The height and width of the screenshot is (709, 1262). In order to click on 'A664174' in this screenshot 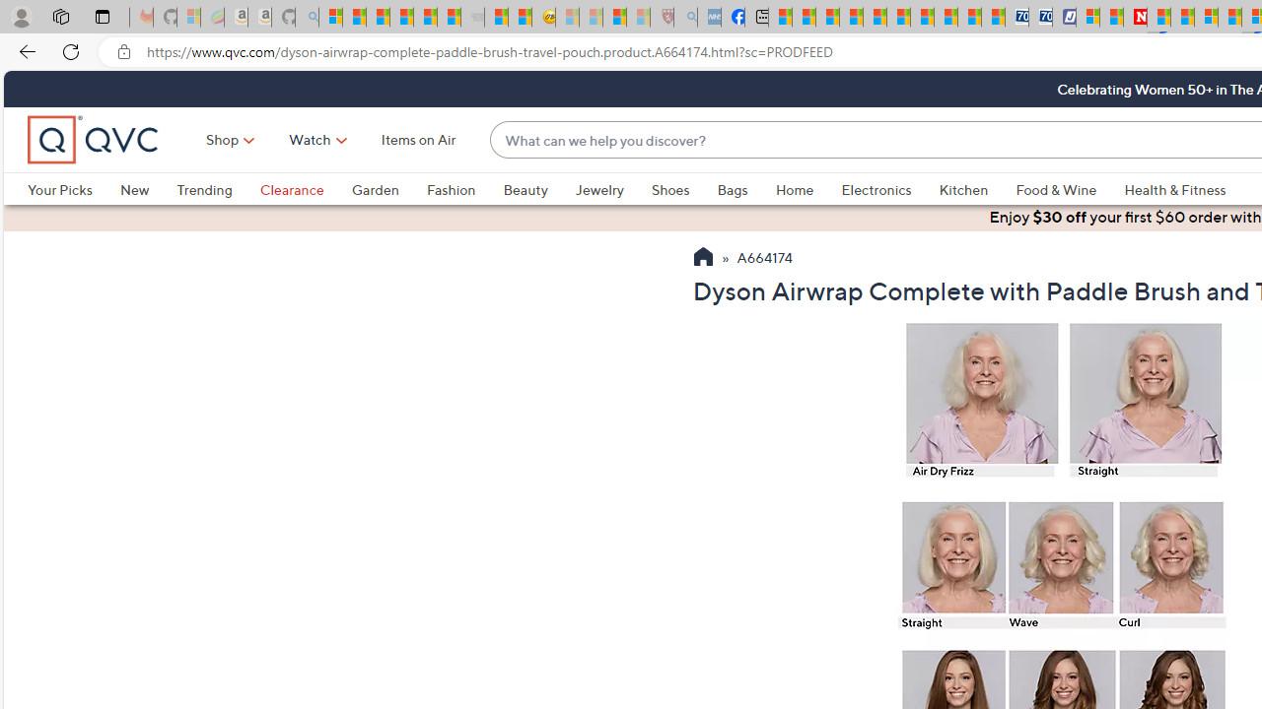, I will do `click(764, 258)`.